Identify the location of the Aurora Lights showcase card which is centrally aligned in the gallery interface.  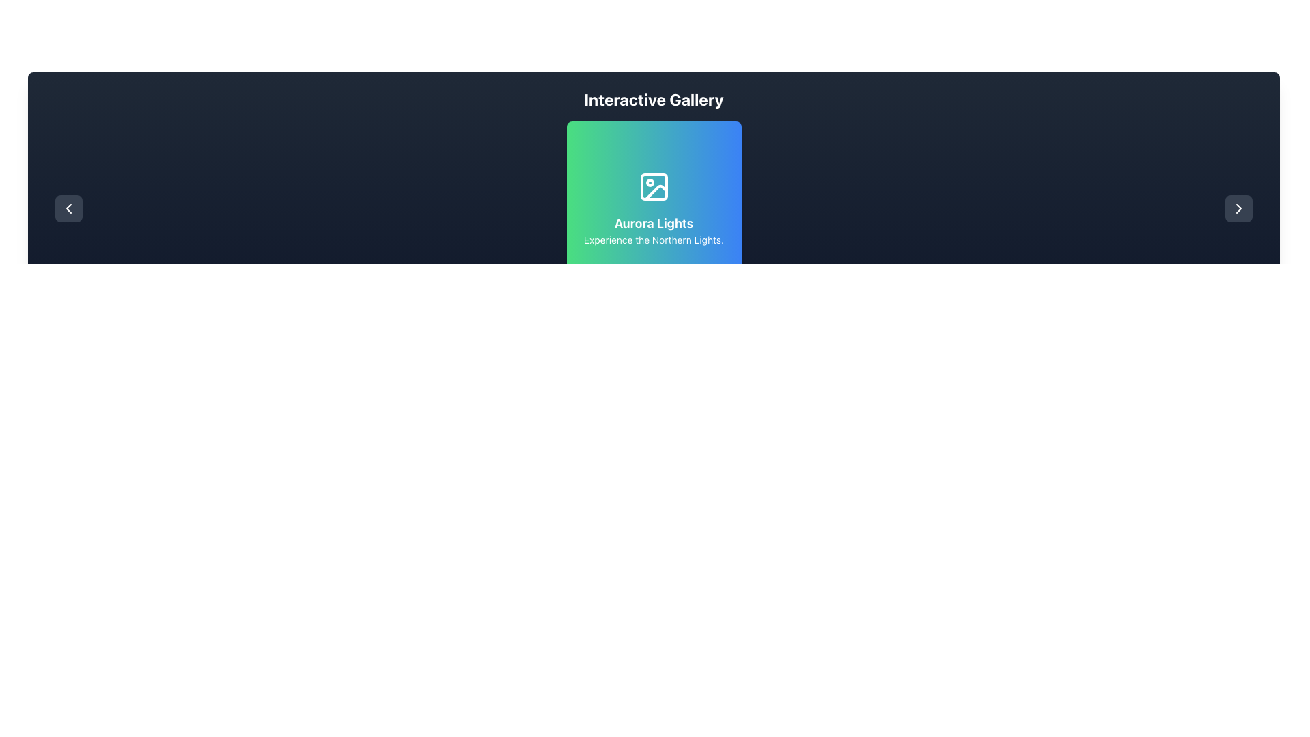
(653, 208).